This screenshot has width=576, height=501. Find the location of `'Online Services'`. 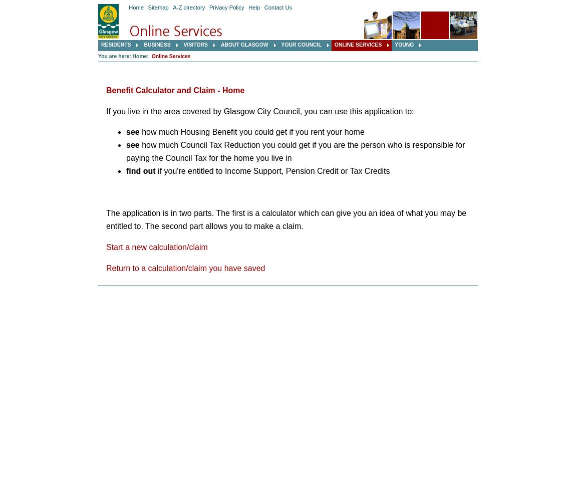

'Online Services' is located at coordinates (170, 56).